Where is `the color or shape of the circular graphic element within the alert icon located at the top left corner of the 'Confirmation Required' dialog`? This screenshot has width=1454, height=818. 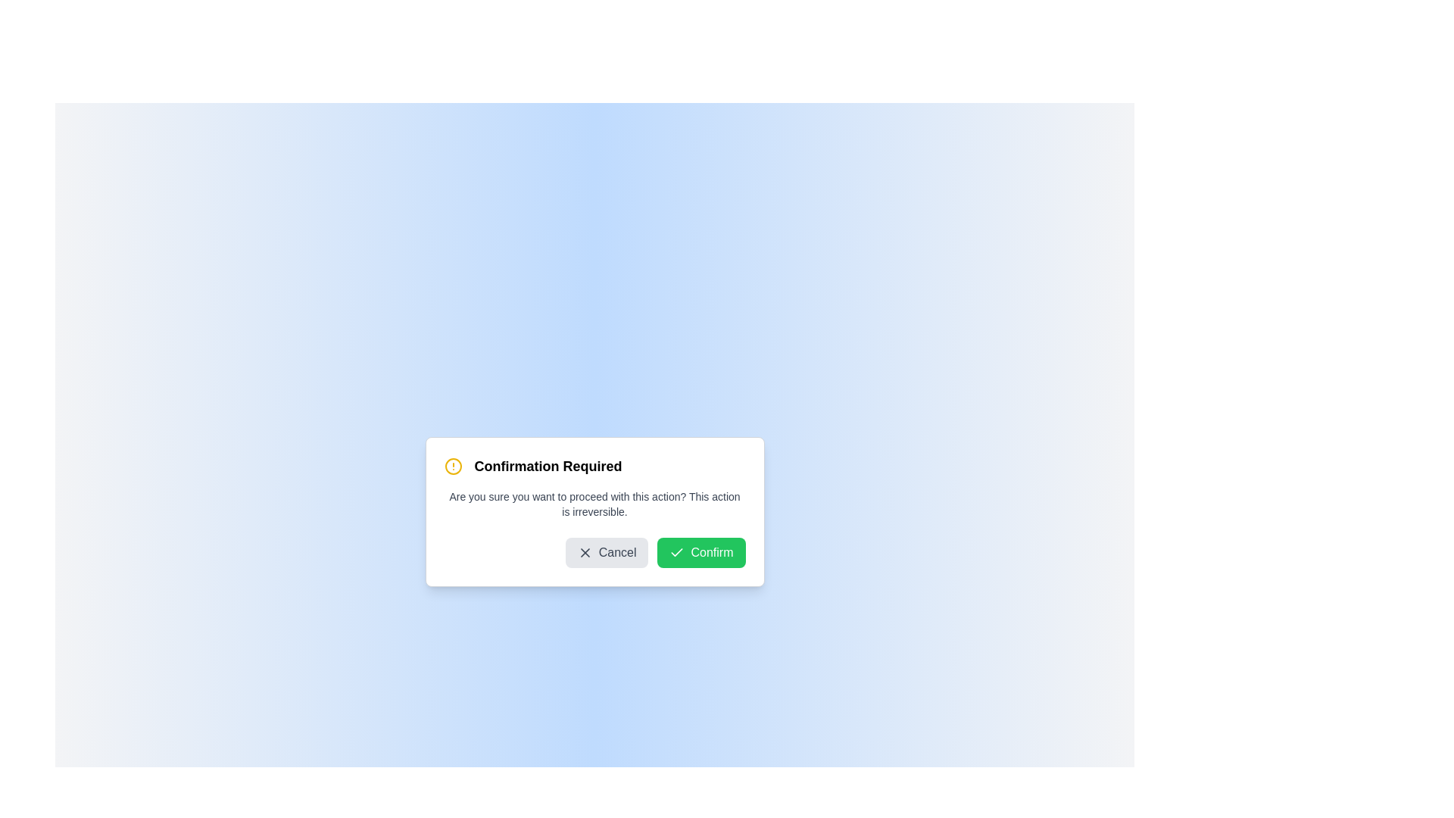 the color or shape of the circular graphic element within the alert icon located at the top left corner of the 'Confirmation Required' dialog is located at coordinates (452, 466).